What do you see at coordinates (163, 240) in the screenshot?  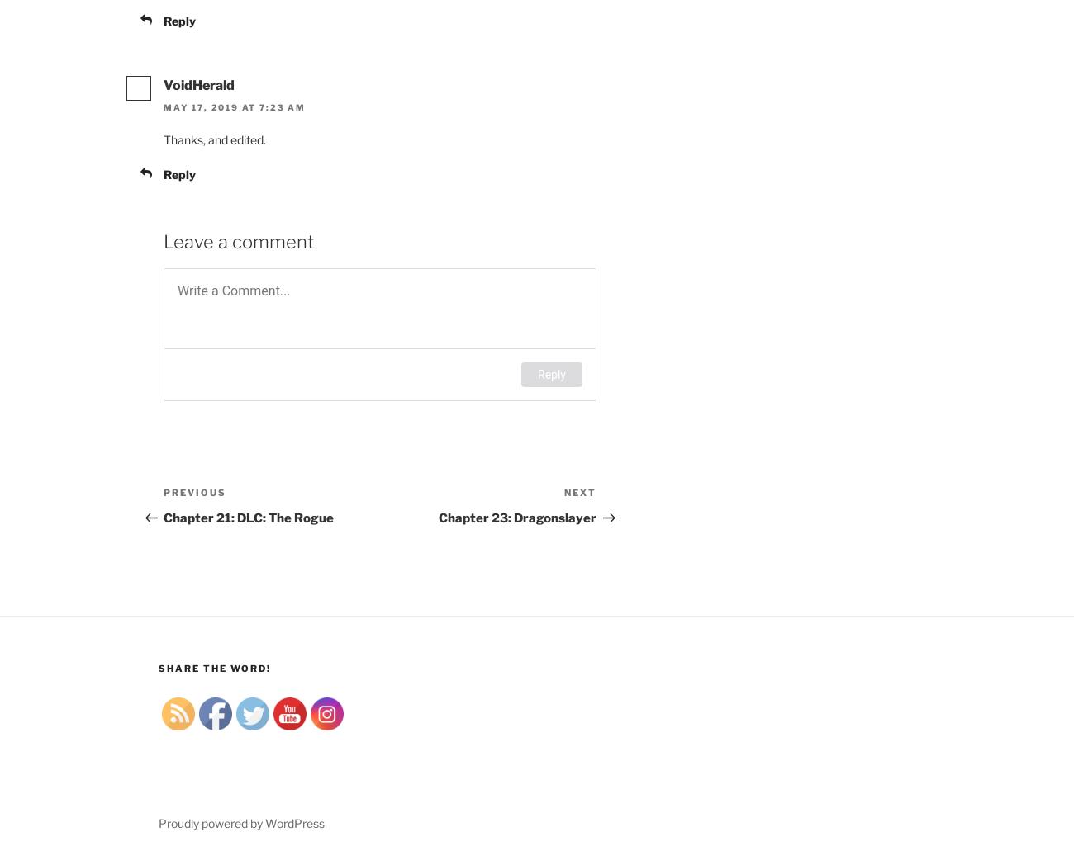 I see `'Leave a comment'` at bounding box center [163, 240].